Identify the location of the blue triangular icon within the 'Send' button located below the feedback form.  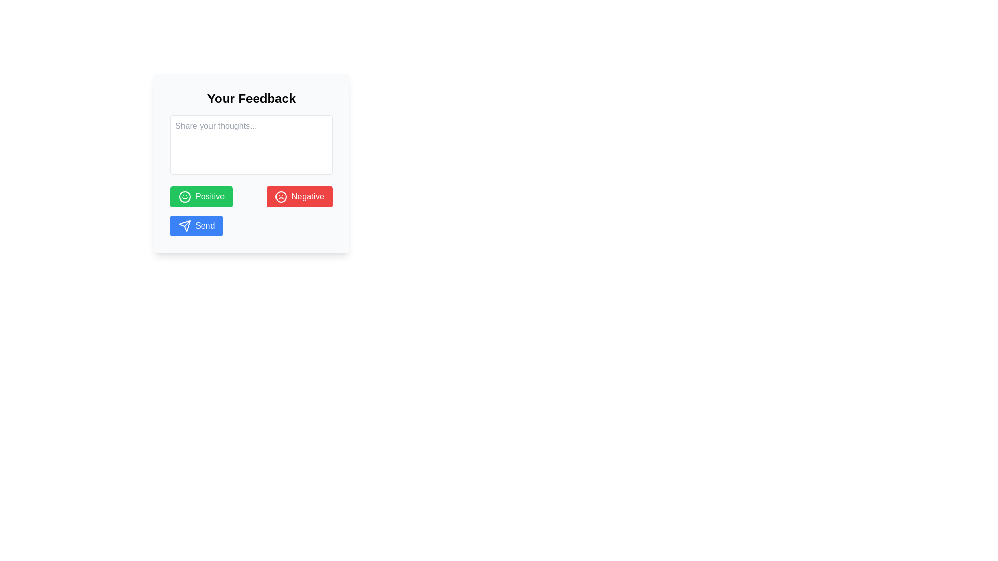
(185, 225).